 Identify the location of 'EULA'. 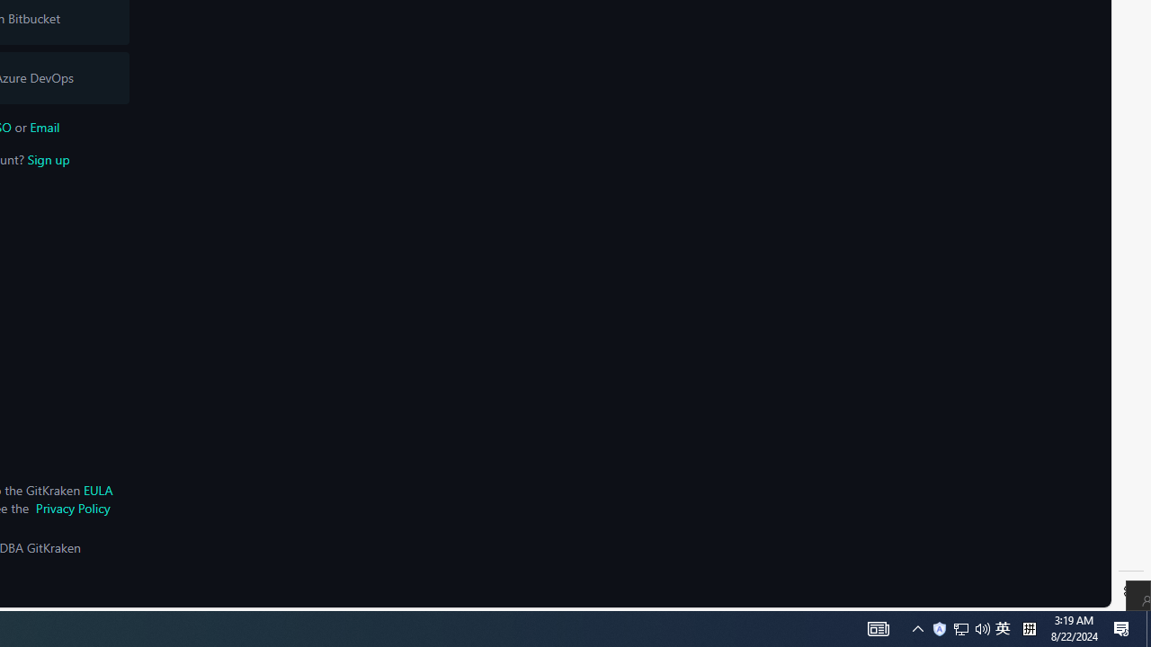
(96, 490).